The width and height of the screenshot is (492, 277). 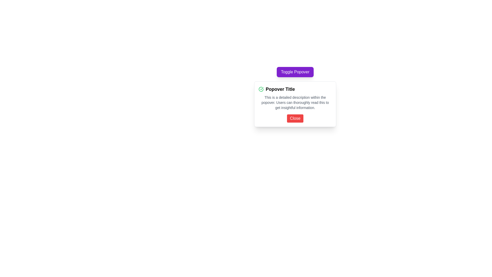 I want to click on the purple button labeled 'Toggle Popover' to trigger its associated actions, so click(x=295, y=72).